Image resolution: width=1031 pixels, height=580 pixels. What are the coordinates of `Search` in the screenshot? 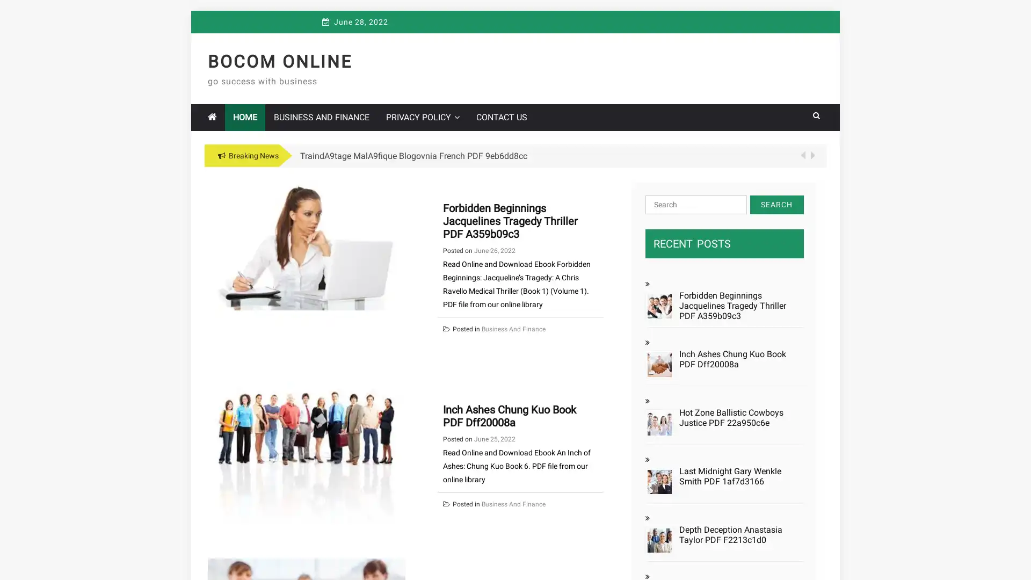 It's located at (776, 204).